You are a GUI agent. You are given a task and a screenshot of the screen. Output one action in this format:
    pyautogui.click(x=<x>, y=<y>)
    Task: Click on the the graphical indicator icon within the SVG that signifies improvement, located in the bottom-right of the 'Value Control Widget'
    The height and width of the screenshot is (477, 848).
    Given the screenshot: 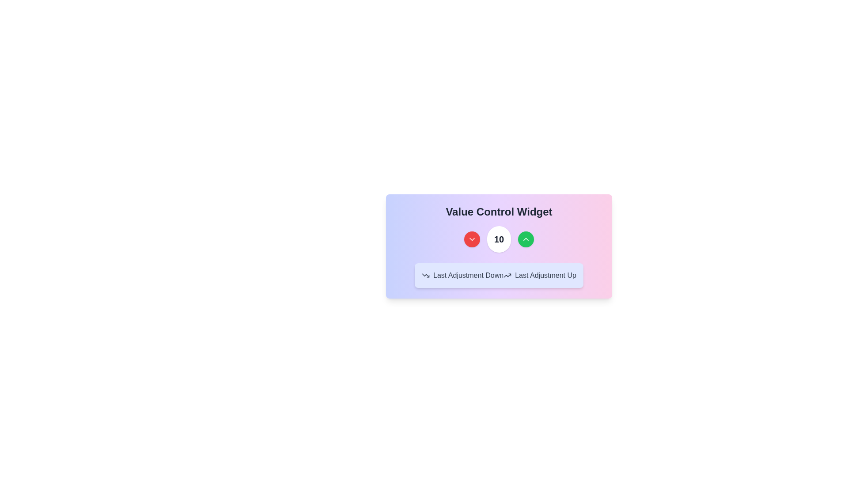 What is the action you would take?
    pyautogui.click(x=507, y=275)
    